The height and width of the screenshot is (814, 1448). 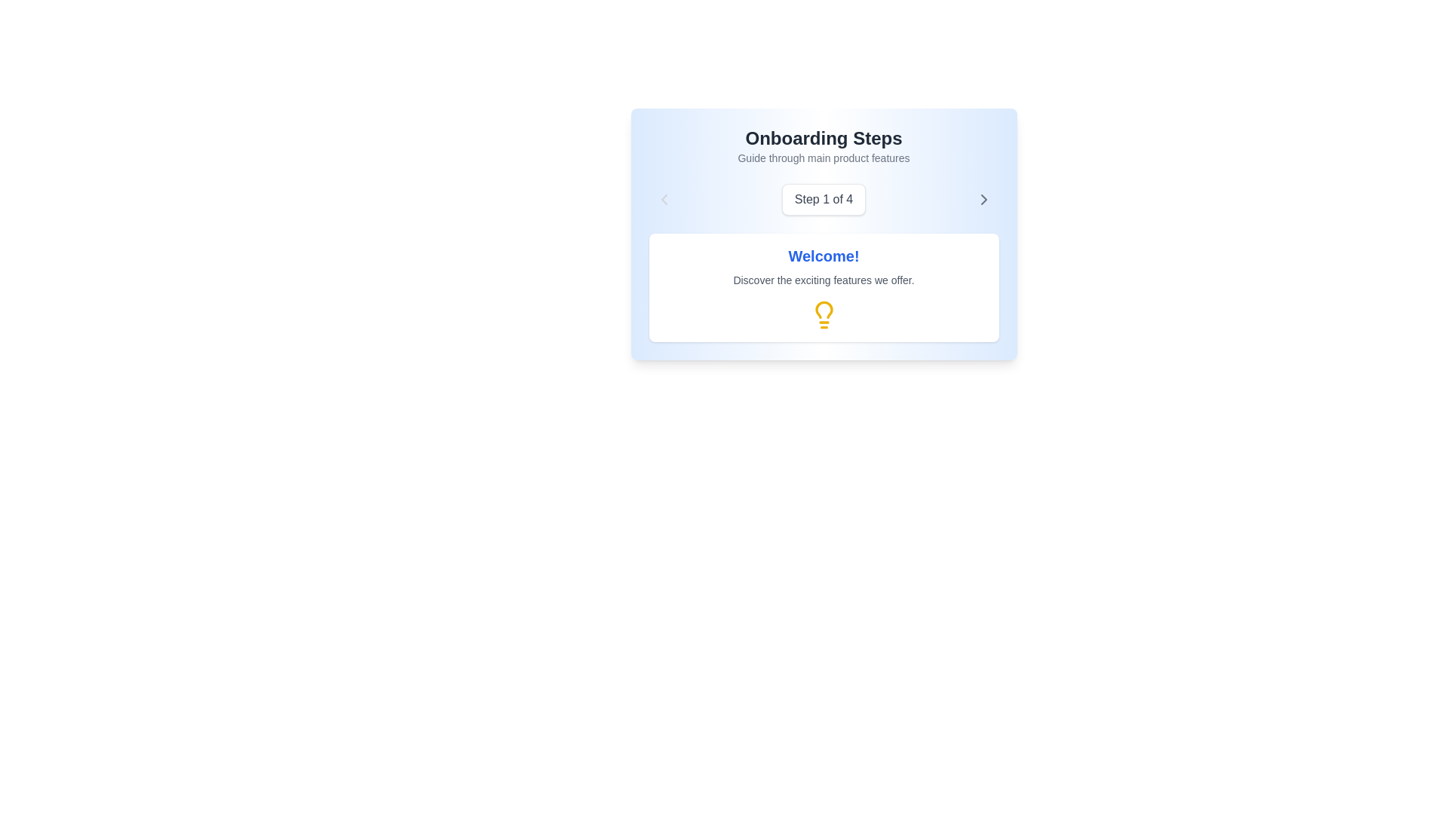 I want to click on the onboarding guide card that displays the current step in a multi-step process and a welcoming message to the user, so click(x=823, y=234).